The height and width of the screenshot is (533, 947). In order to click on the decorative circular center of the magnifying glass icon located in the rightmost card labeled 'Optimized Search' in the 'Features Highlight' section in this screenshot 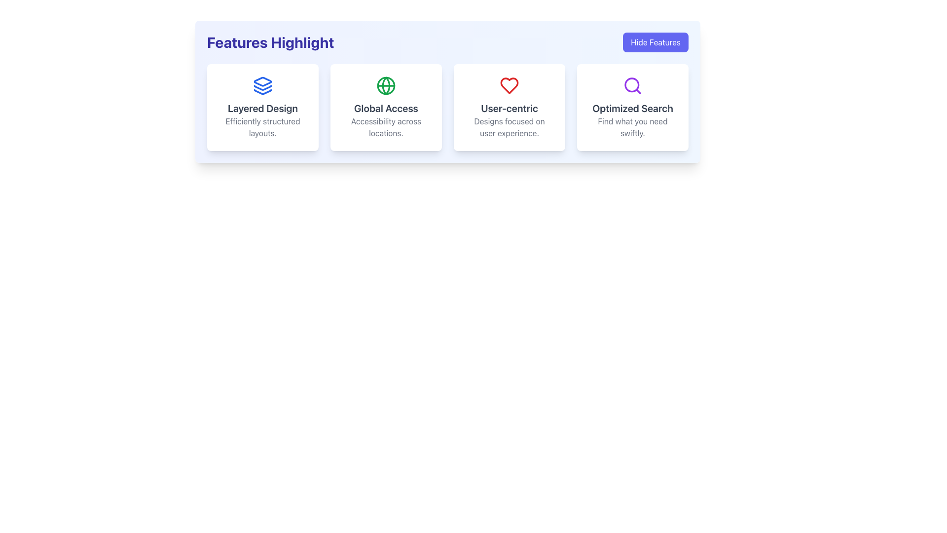, I will do `click(632, 84)`.